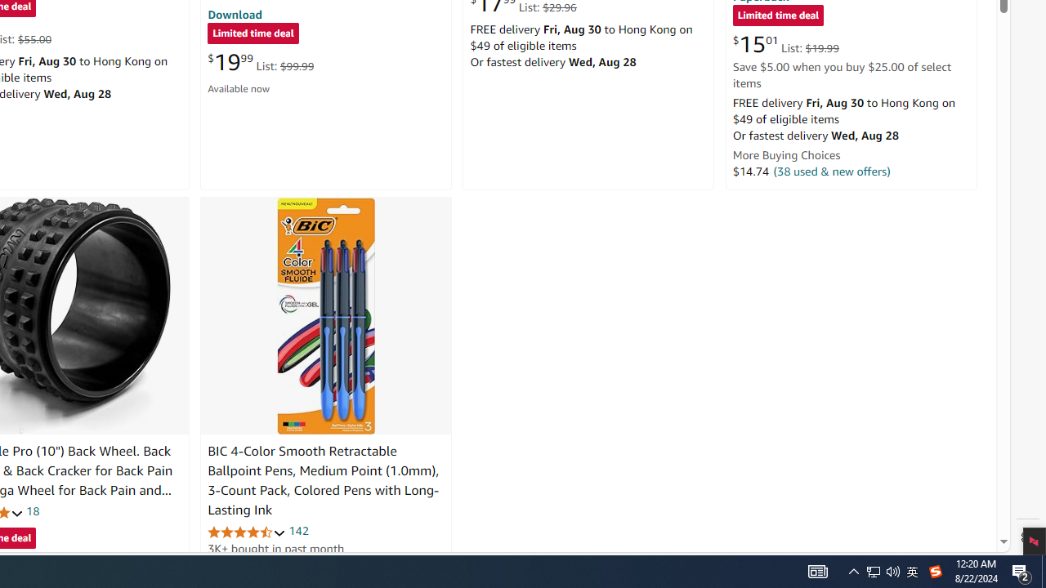 This screenshot has width=1046, height=588. I want to click on '4.6 out of 5 stars', so click(246, 532).